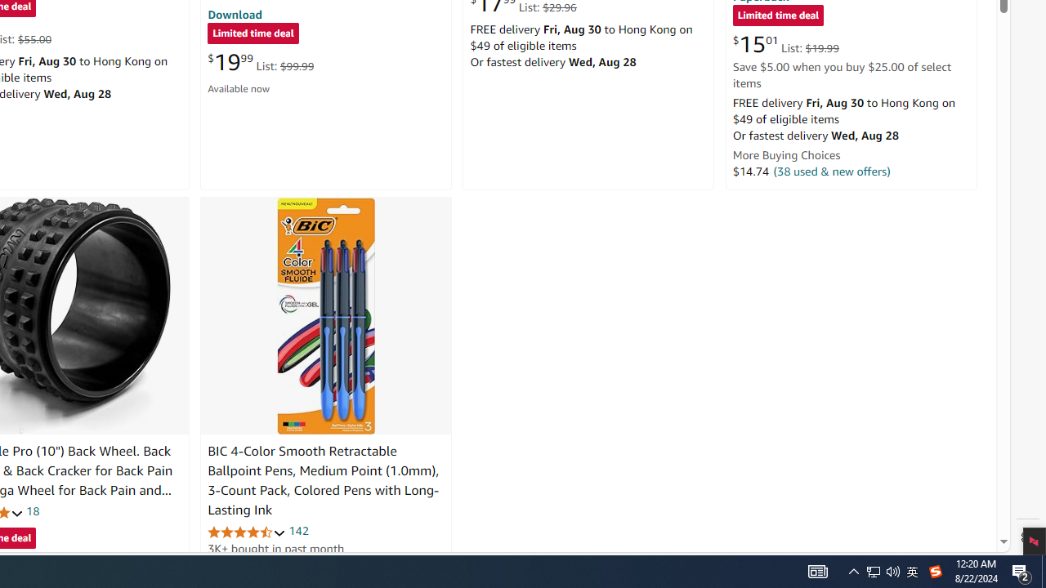 This screenshot has width=1046, height=588. I want to click on '4.6 out of 5 stars', so click(246, 532).